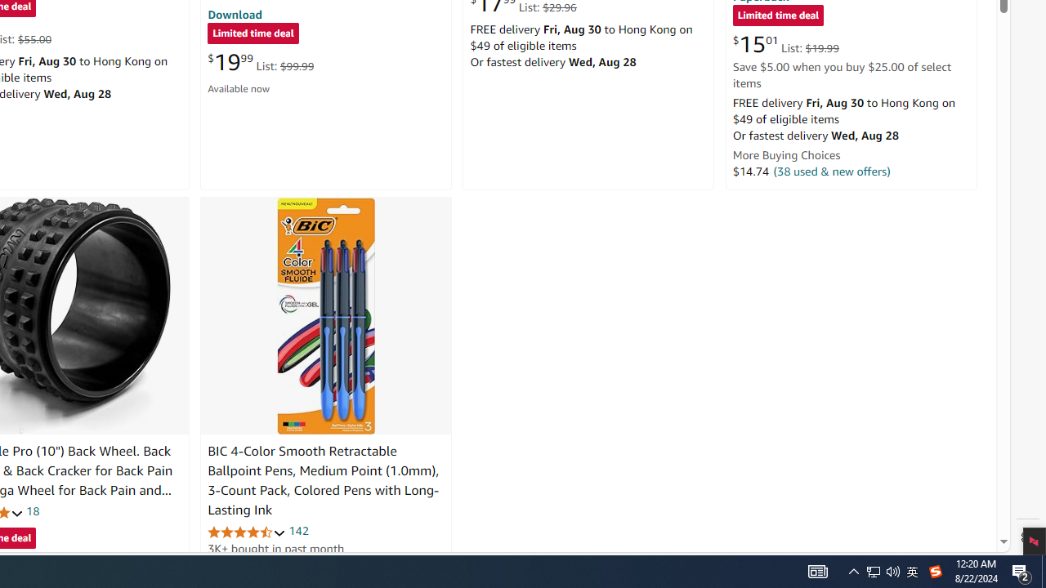 This screenshot has width=1046, height=588. I want to click on '4.6 out of 5 stars', so click(246, 532).